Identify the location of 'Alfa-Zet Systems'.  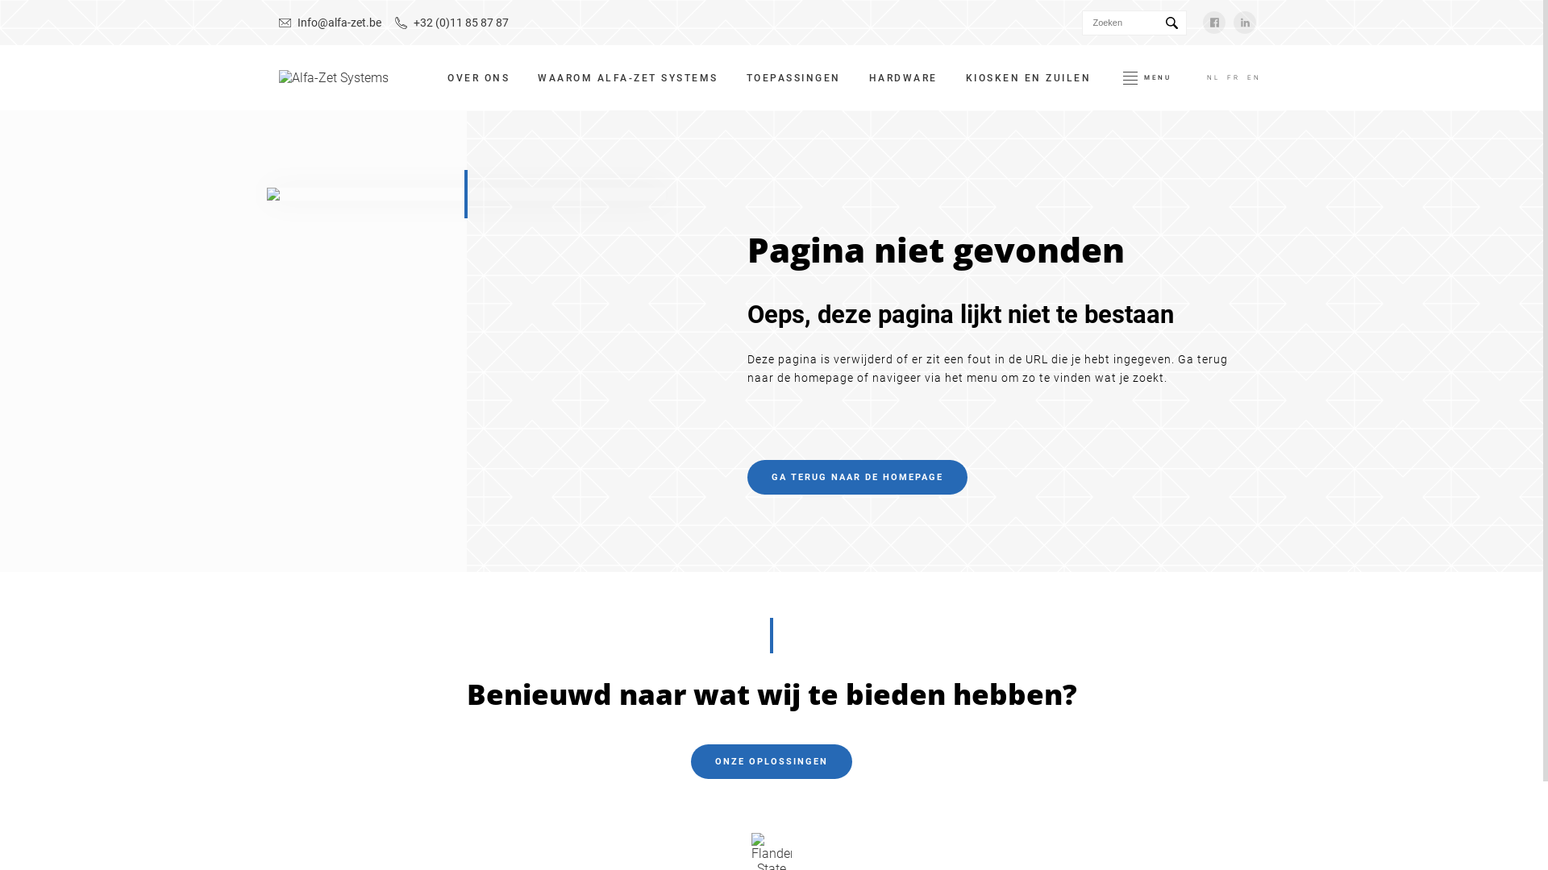
(332, 77).